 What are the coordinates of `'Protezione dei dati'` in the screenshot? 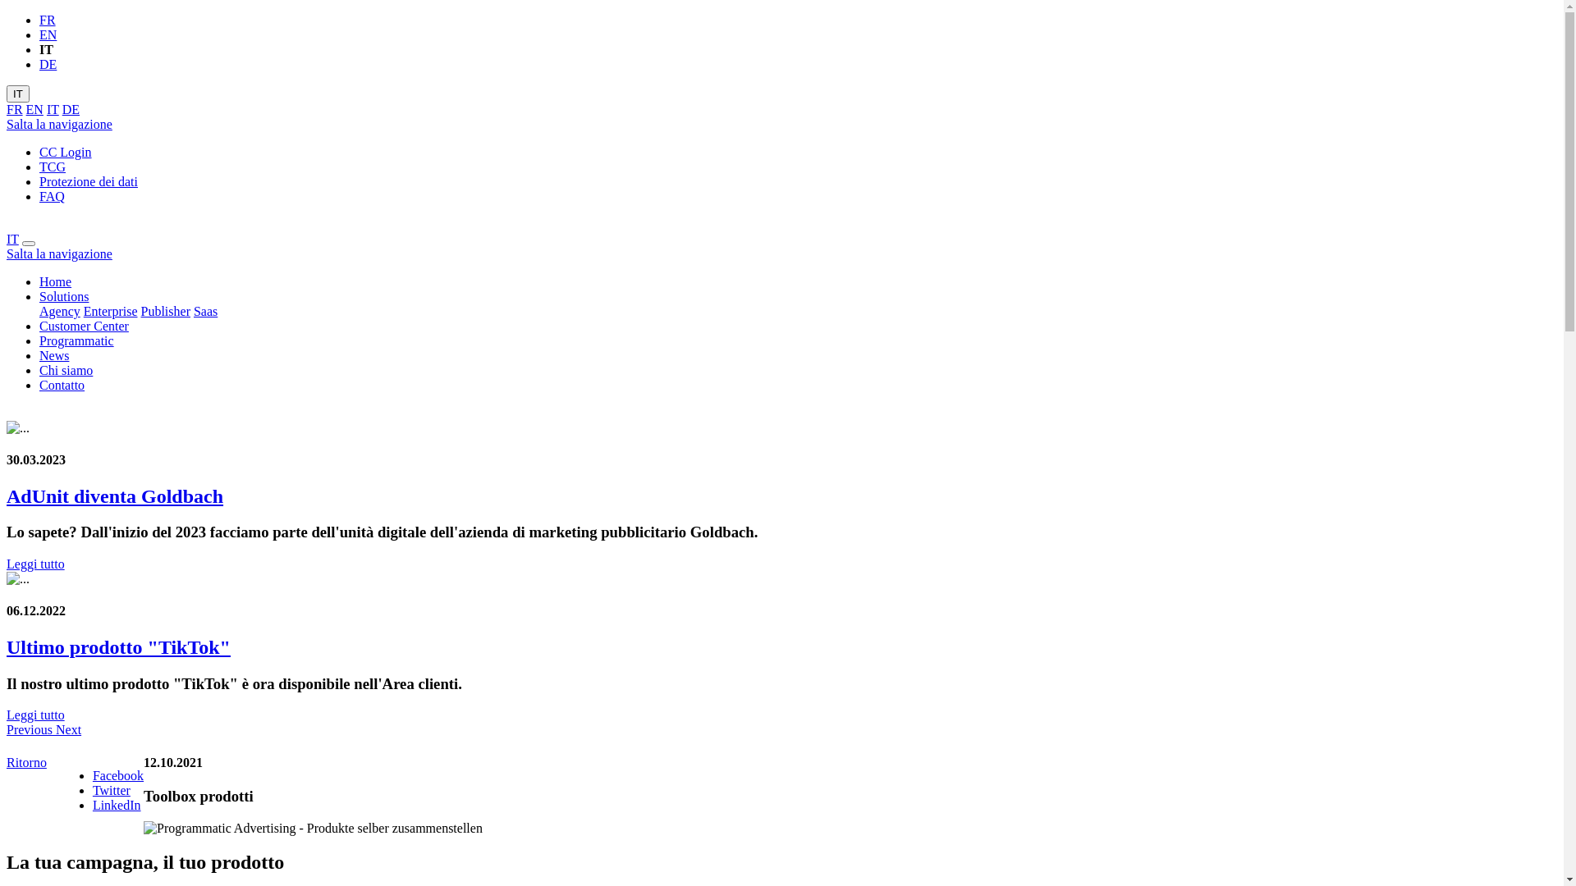 It's located at (87, 181).